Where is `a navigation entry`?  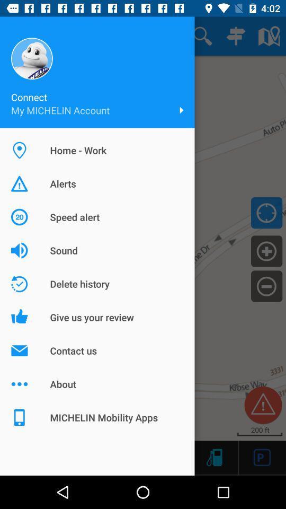 a navigation entry is located at coordinates (266, 251).